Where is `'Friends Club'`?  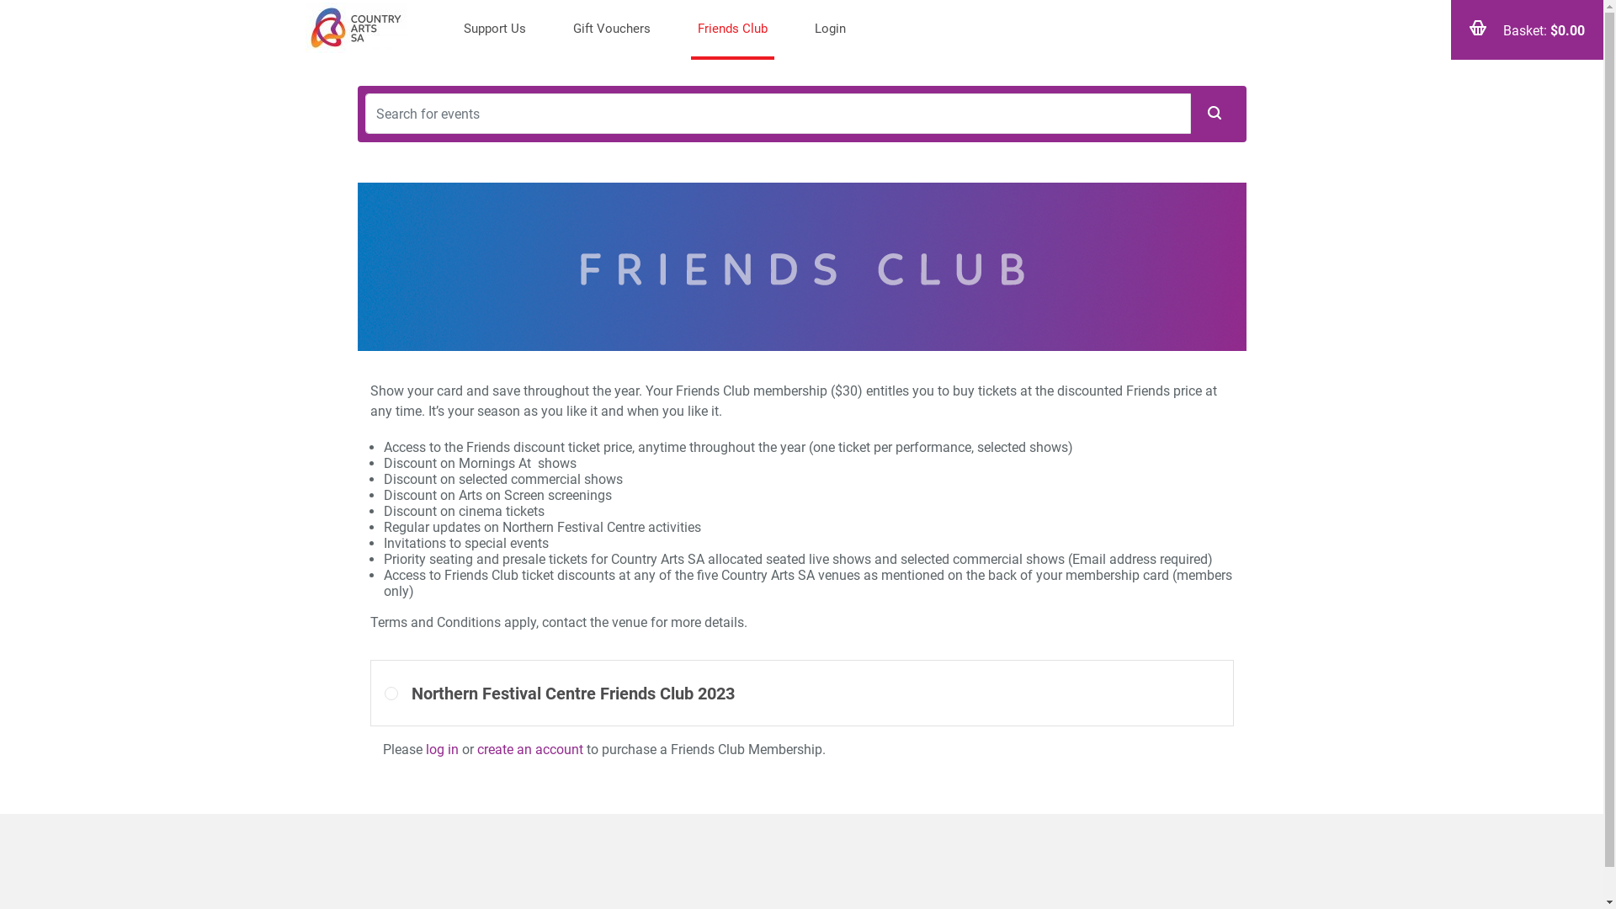
'Friends Club' is located at coordinates (731, 29).